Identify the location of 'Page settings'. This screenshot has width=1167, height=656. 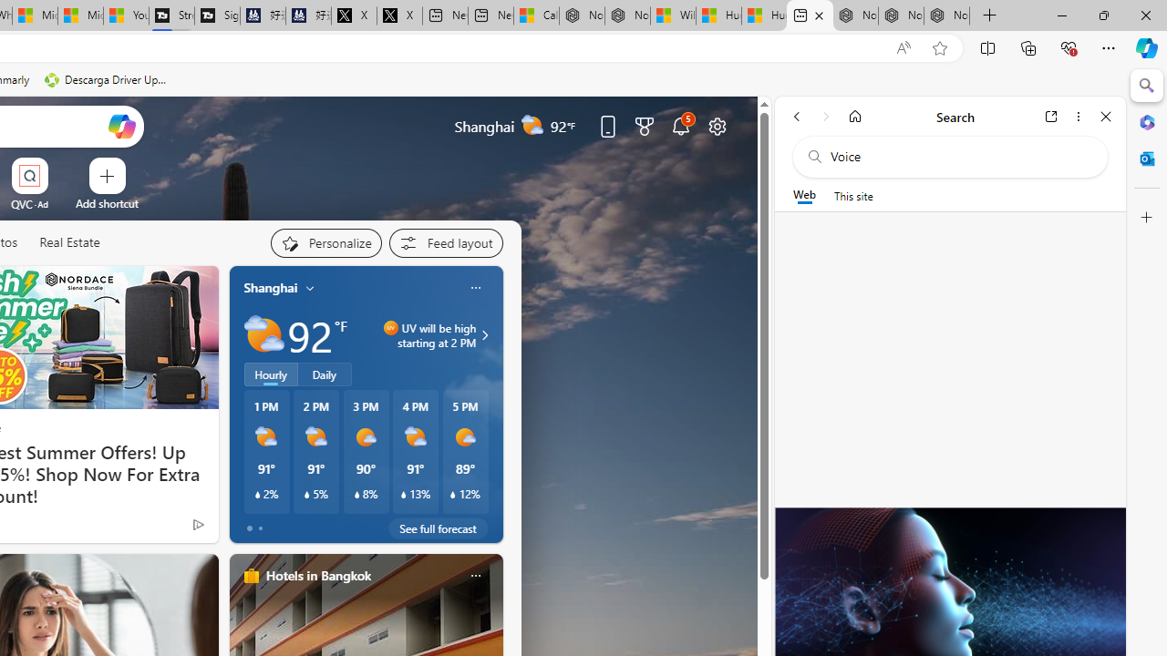
(716, 125).